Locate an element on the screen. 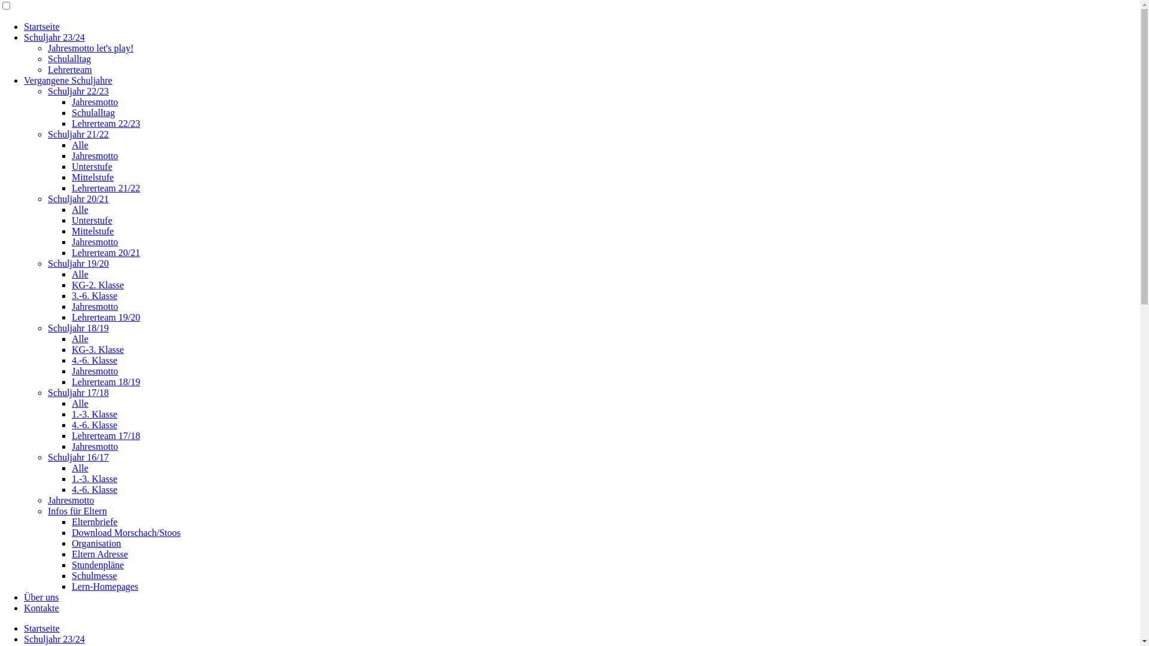 This screenshot has width=1149, height=646. 'Mittelstufe' is located at coordinates (92, 177).